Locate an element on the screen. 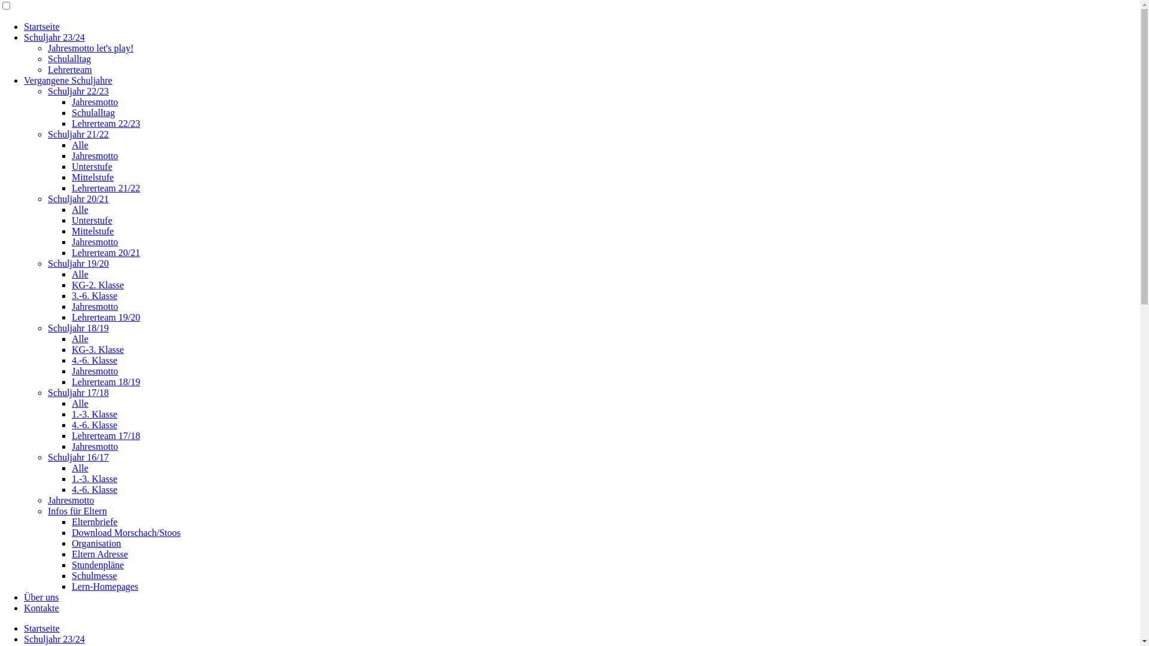 This screenshot has width=1149, height=646. 'Mittelstufe' is located at coordinates (92, 177).